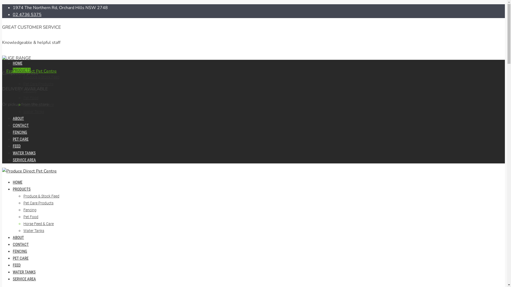 This screenshot has height=287, width=511. Describe the element at coordinates (38, 84) in the screenshot. I see `'Pet Care Products'` at that location.